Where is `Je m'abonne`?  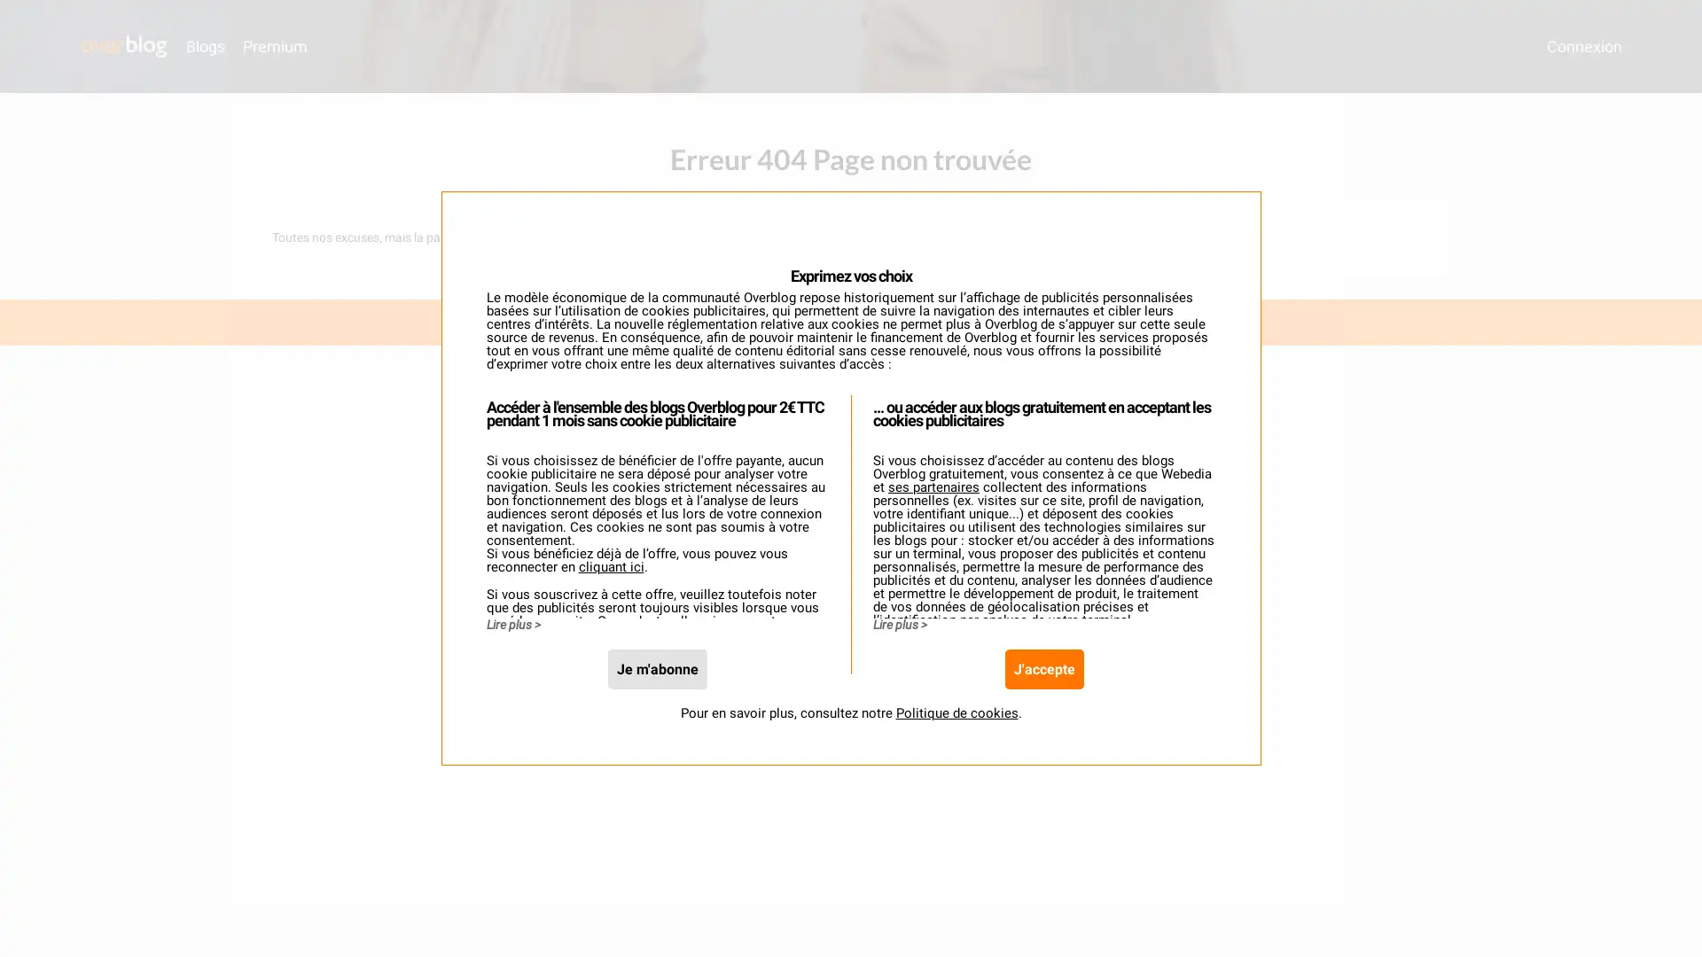
Je m'abonne is located at coordinates (655, 691).